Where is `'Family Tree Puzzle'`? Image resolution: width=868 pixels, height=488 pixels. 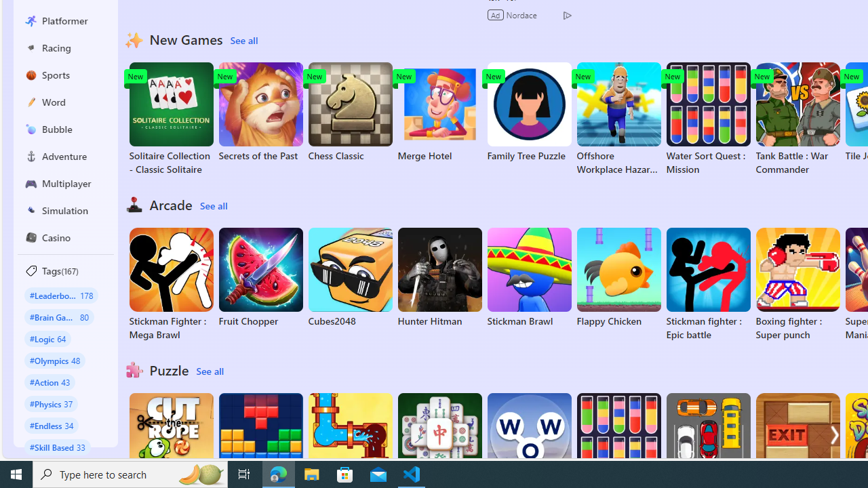 'Family Tree Puzzle' is located at coordinates (528, 111).